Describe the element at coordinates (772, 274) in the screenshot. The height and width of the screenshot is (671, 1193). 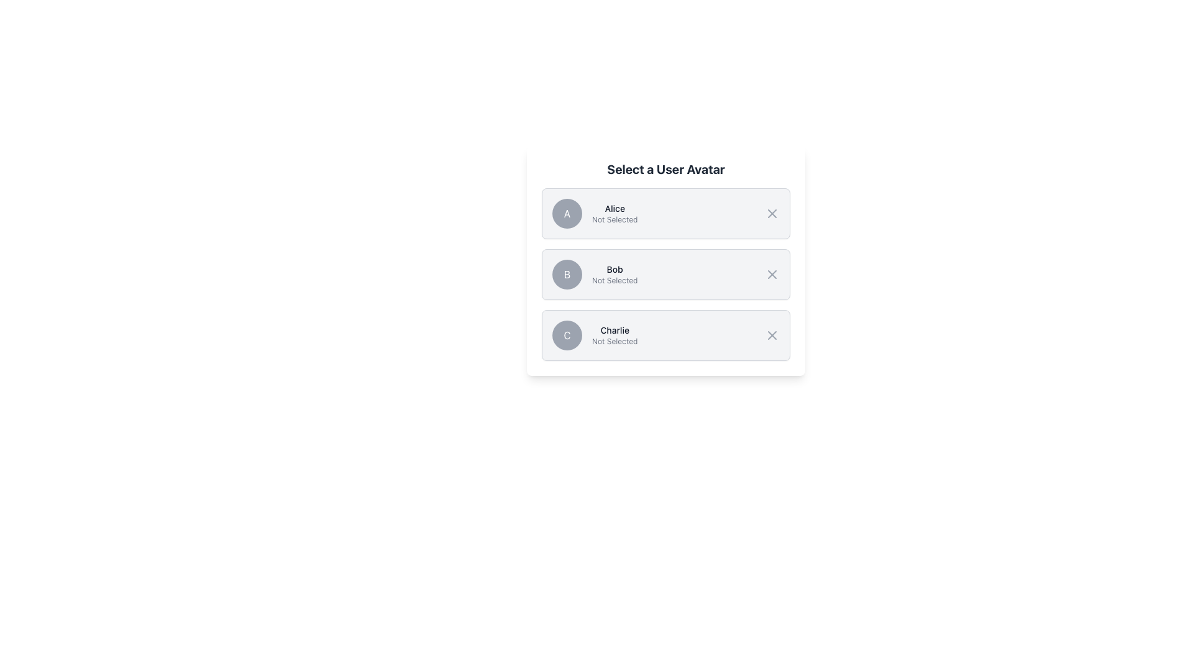
I see `the close button in the top-right corner of the 'Bob Not Selected' panel` at that location.